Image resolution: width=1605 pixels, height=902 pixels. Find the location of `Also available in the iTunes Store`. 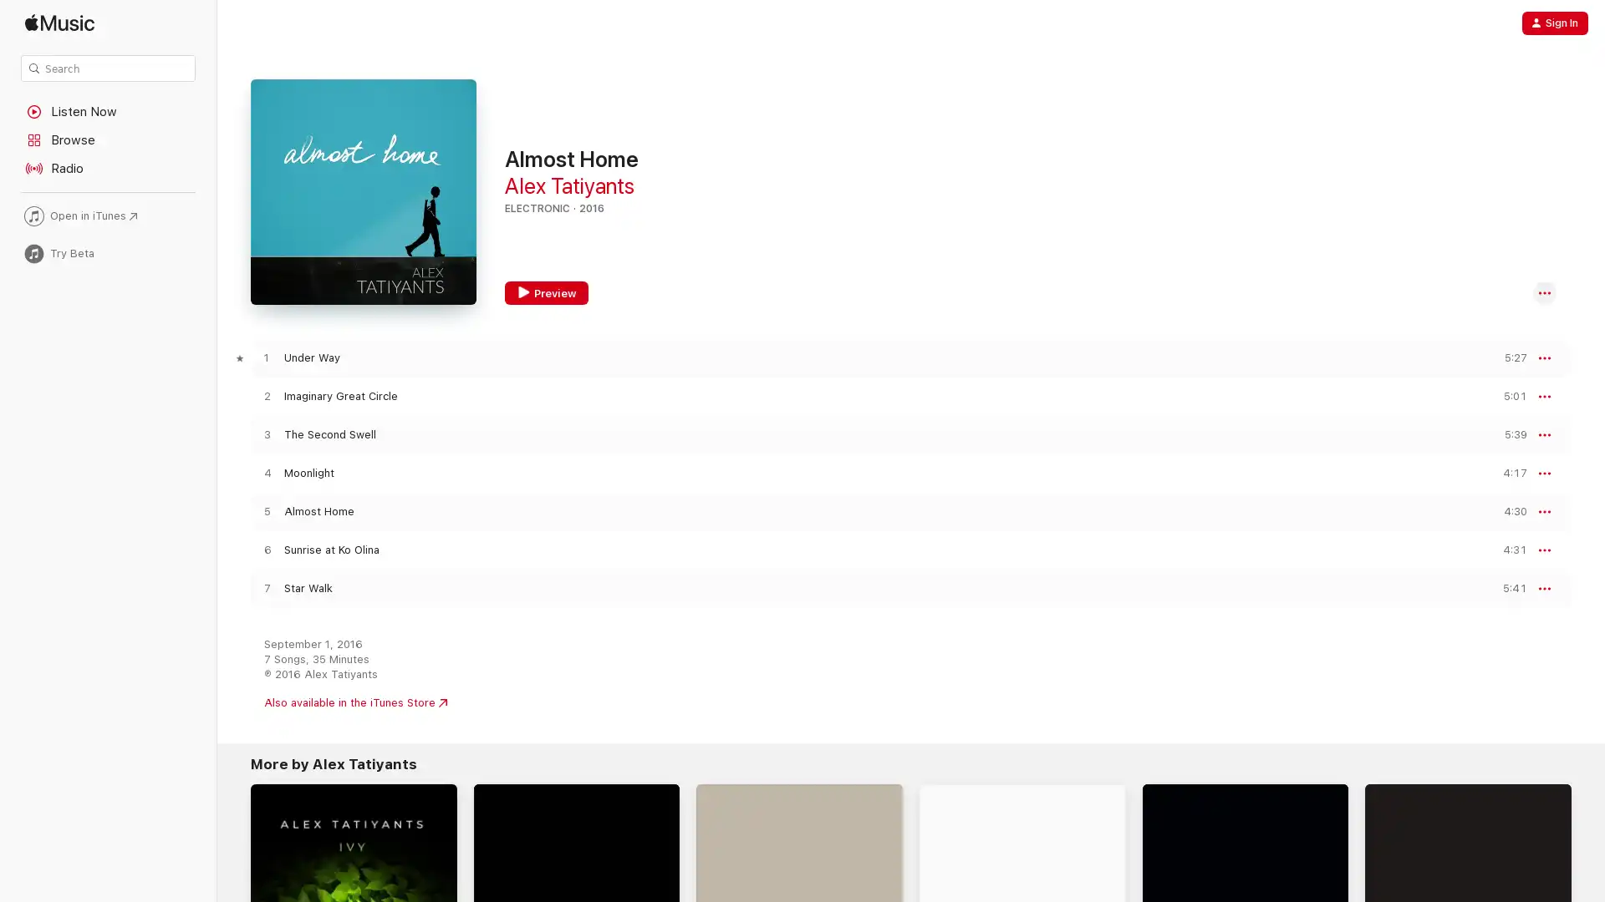

Also available in the iTunes Store is located at coordinates (354, 702).